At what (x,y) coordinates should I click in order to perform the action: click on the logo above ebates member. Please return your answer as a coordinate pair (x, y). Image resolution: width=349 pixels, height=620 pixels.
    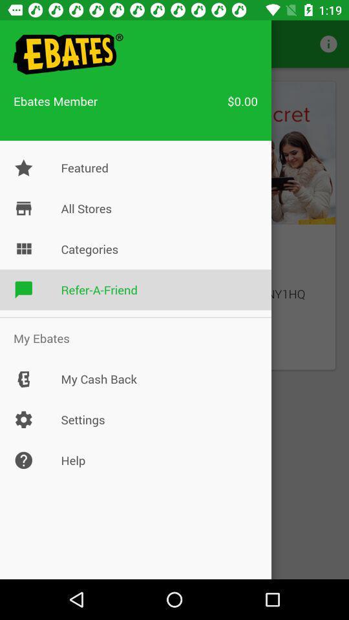
    Looking at the image, I should click on (66, 54).